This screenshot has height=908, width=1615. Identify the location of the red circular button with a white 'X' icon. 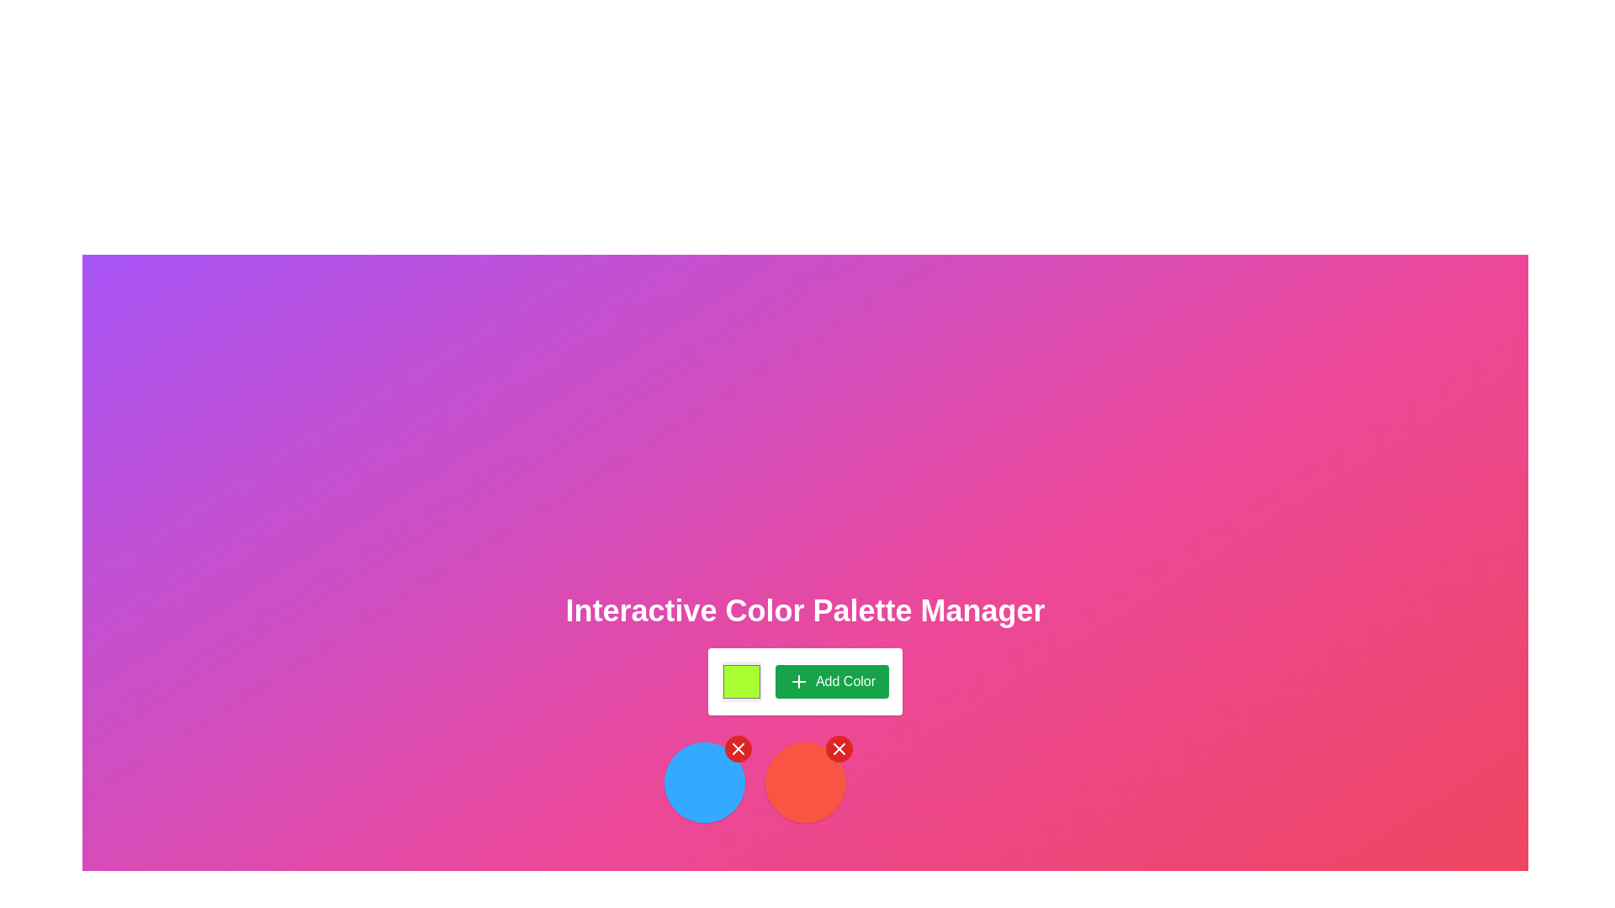
(738, 748).